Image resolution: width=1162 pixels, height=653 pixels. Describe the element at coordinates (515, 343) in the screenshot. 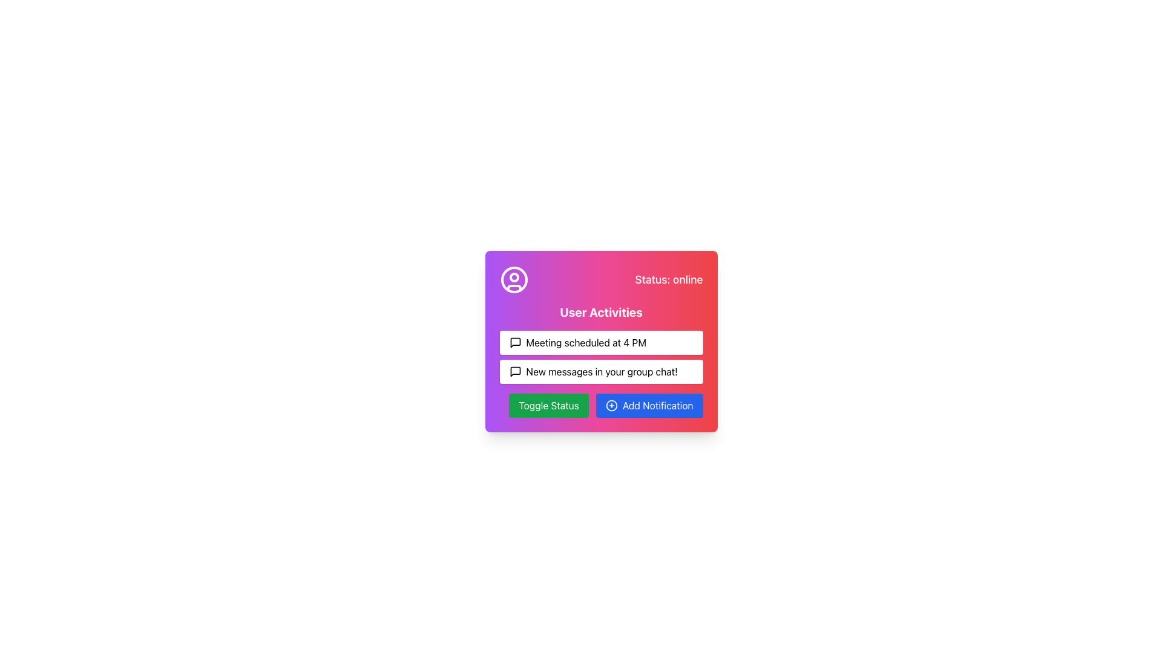

I see `the design of the message communication icon located at the leftmost end of the horizontal row in the 'User Activities' card` at that location.